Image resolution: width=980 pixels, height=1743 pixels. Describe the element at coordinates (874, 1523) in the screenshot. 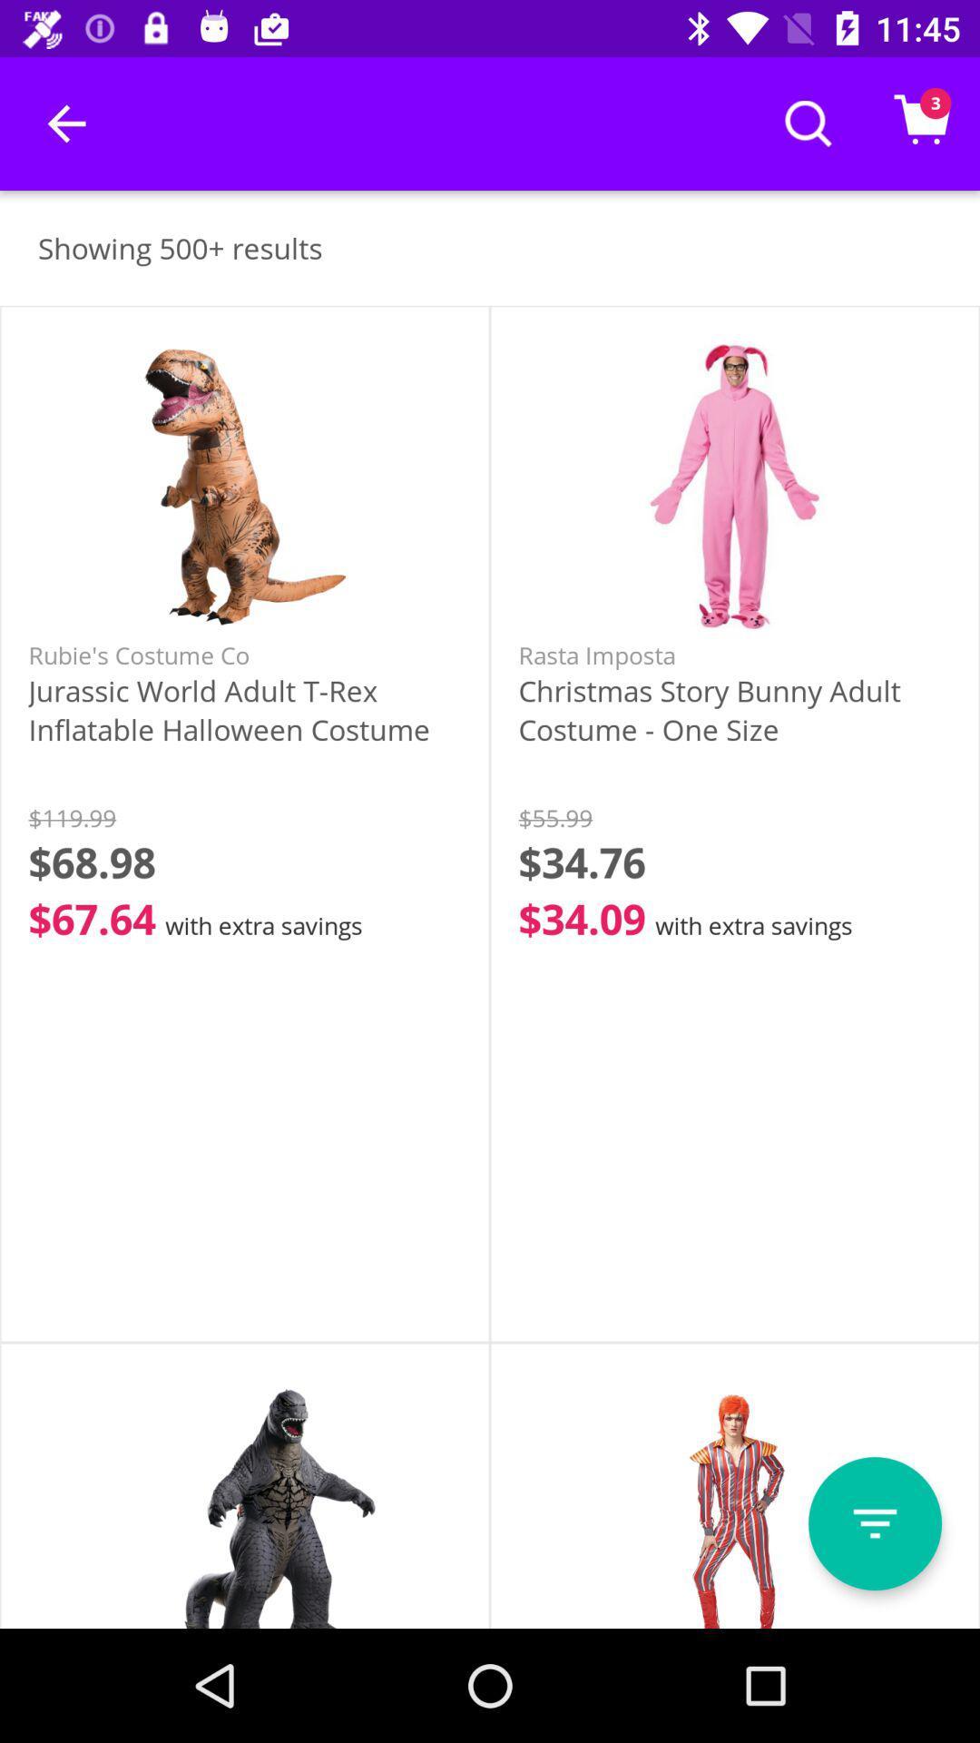

I see `the filter_list icon` at that location.